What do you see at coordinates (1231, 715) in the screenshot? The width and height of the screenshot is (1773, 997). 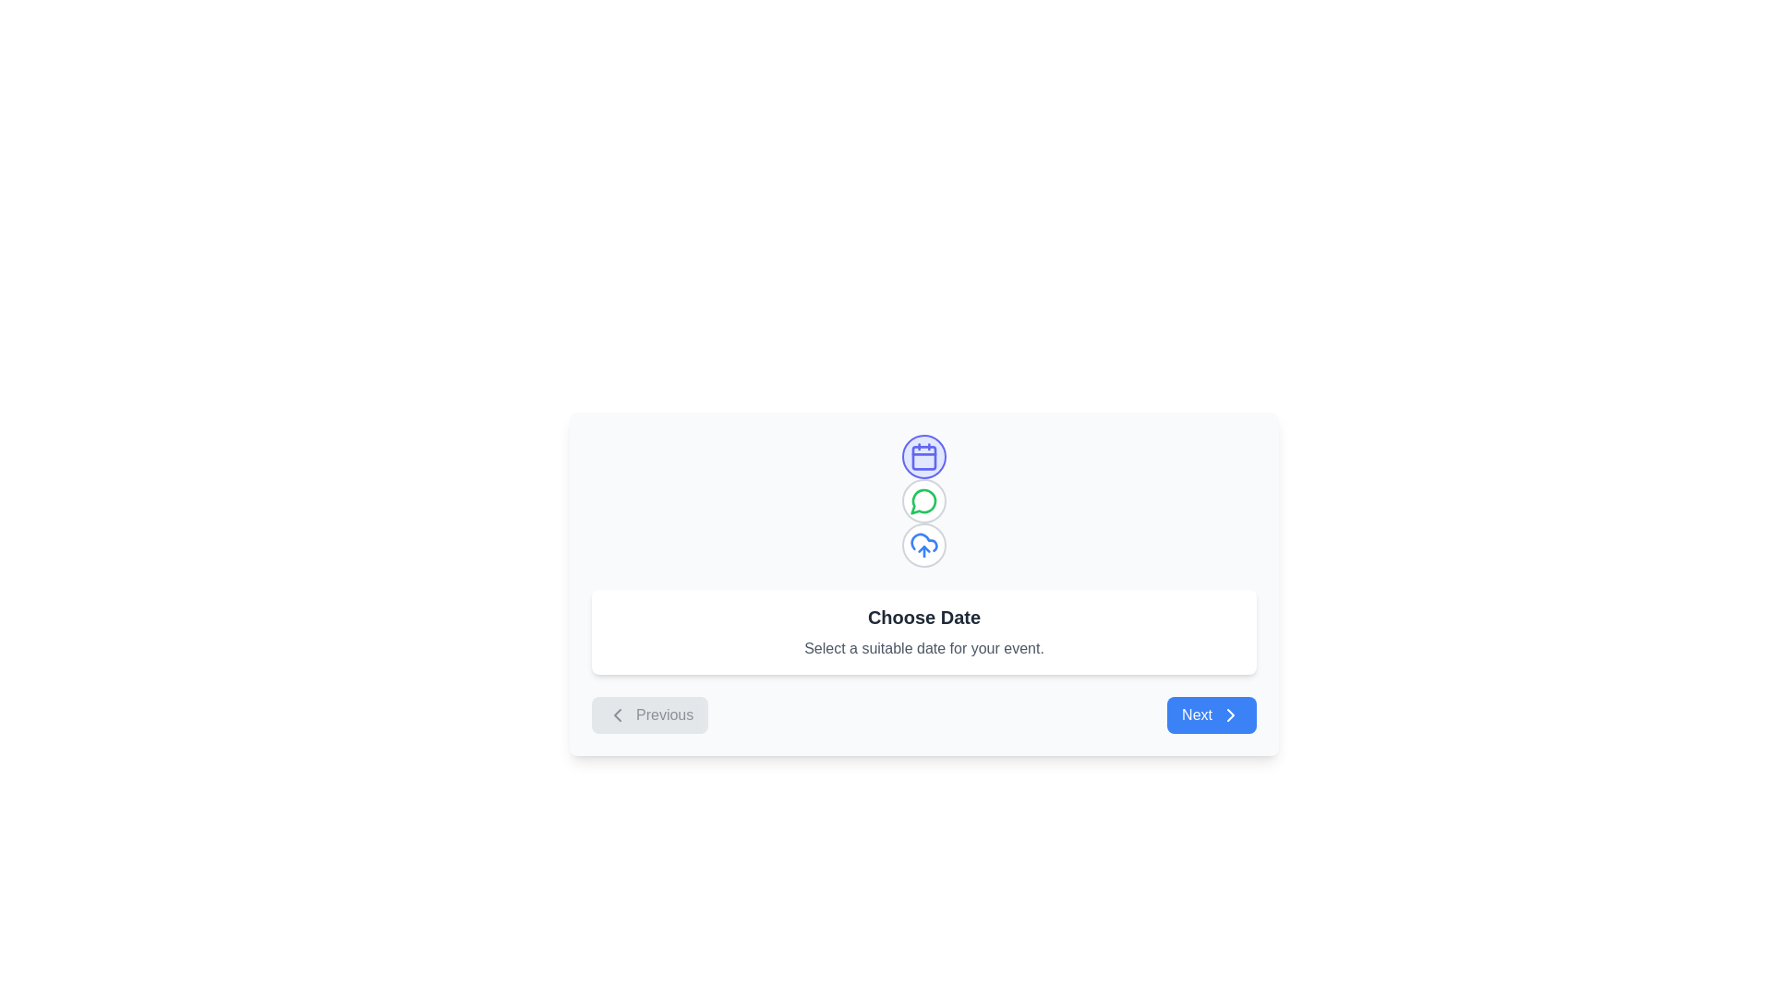 I see `the 'Next' button which contains a small, right-pointing chevron arrow icon to proceed` at bounding box center [1231, 715].